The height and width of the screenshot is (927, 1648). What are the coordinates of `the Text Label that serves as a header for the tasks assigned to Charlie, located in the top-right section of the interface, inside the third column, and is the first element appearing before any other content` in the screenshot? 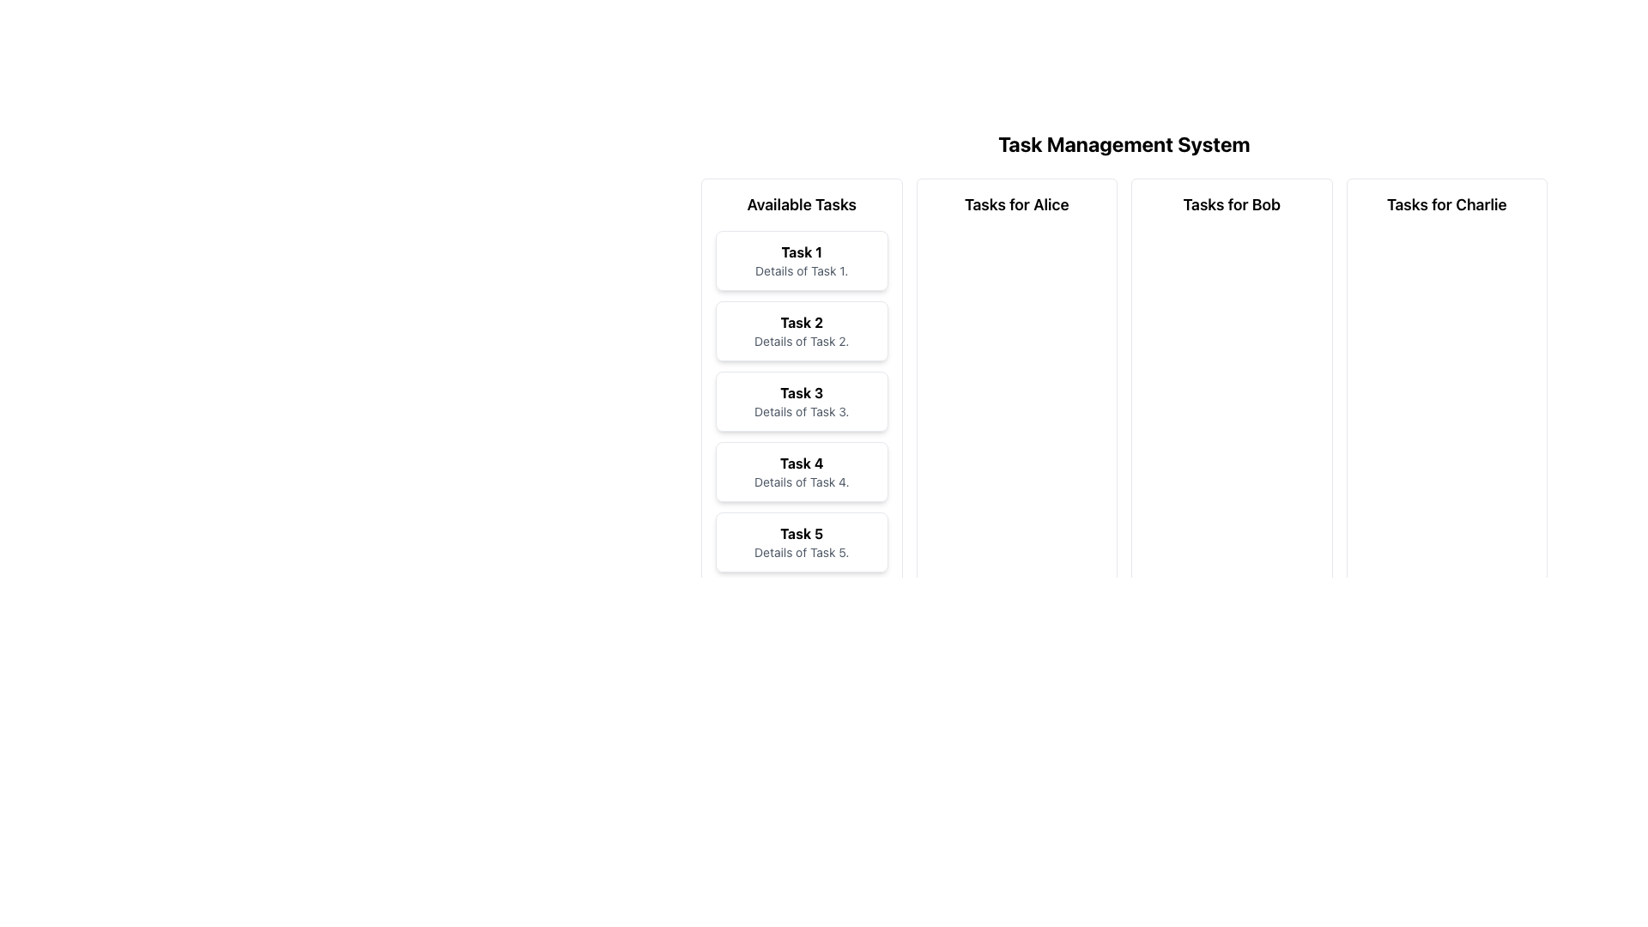 It's located at (1445, 204).